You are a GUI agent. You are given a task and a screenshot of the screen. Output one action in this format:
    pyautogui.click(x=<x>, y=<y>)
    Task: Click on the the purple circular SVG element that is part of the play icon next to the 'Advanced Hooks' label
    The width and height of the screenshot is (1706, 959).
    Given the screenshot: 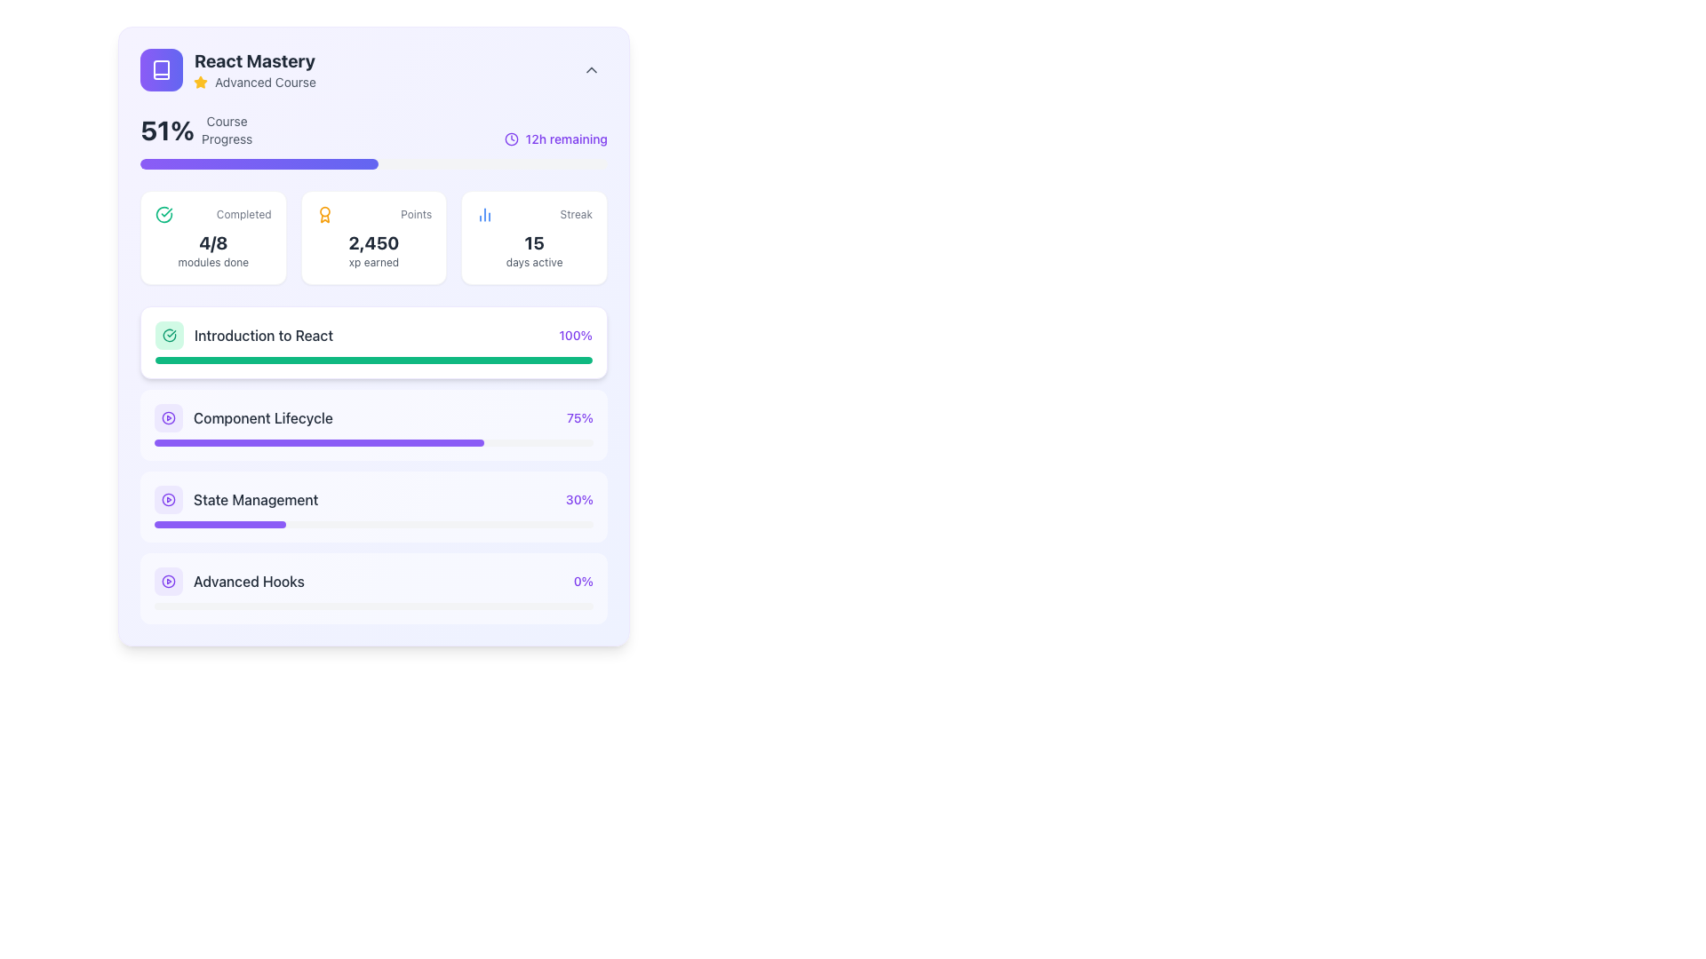 What is the action you would take?
    pyautogui.click(x=169, y=582)
    